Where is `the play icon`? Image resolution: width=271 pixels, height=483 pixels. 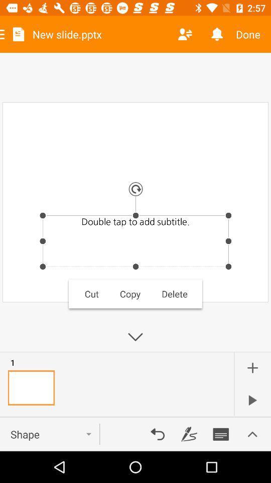
the play icon is located at coordinates (252, 400).